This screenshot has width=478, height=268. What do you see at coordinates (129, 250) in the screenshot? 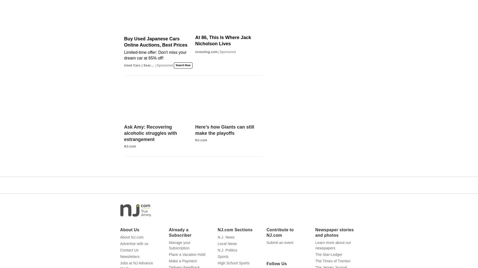
I see `'Contact Us'` at bounding box center [129, 250].